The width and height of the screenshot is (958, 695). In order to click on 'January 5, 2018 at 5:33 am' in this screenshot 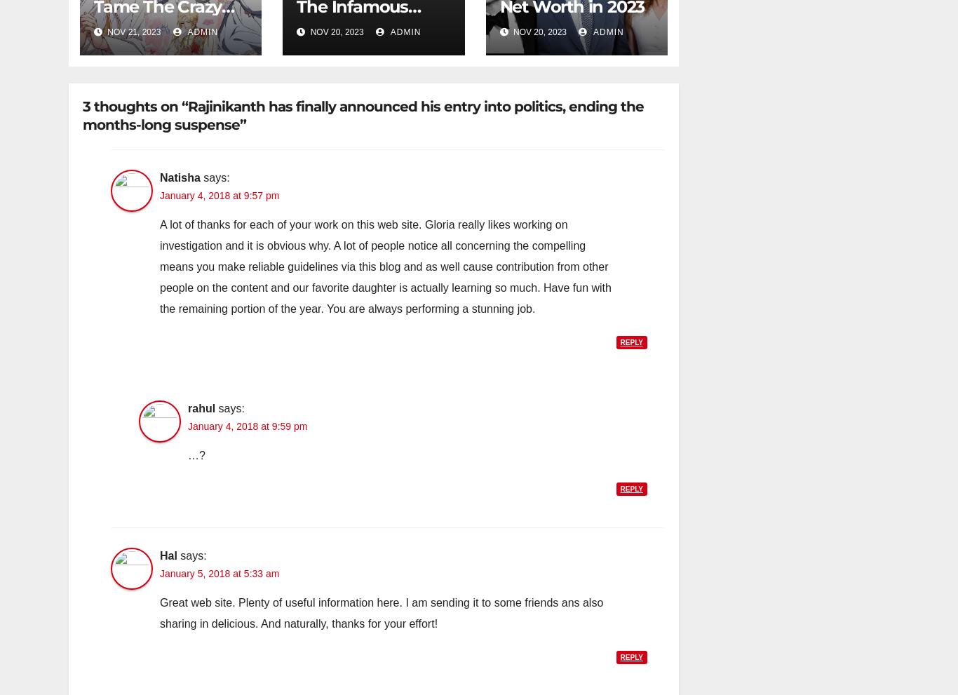, I will do `click(219, 572)`.